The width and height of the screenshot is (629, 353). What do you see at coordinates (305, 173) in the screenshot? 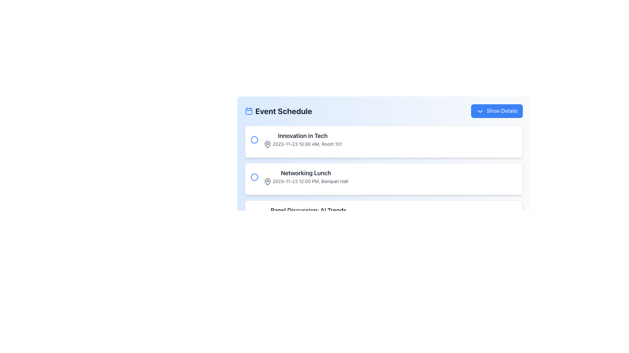
I see `the text label that serves as the heading for the event item, located directly above the date and time details` at bounding box center [305, 173].